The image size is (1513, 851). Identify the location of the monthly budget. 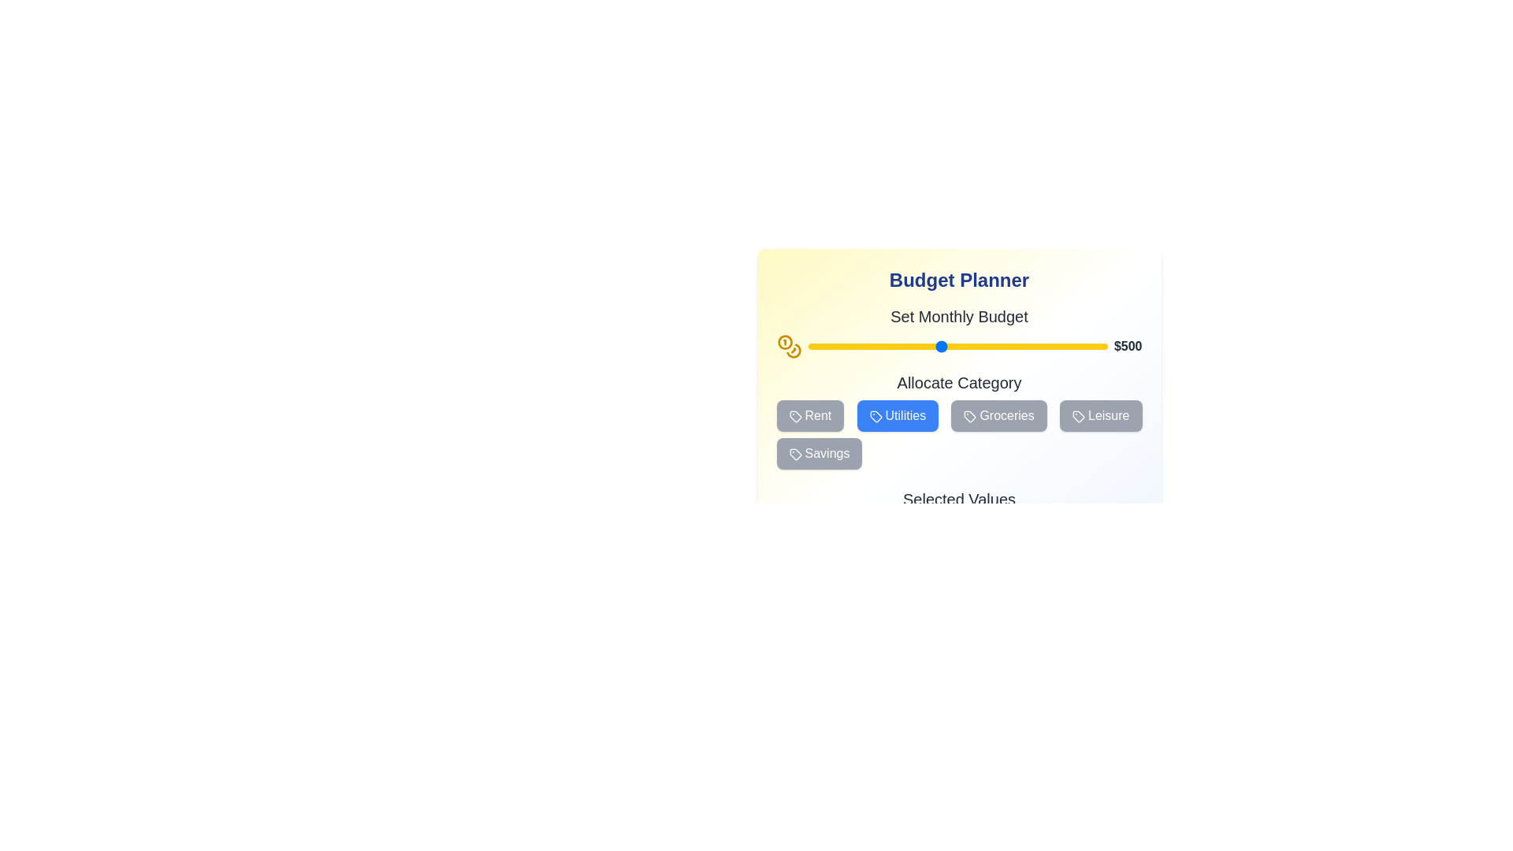
(949, 345).